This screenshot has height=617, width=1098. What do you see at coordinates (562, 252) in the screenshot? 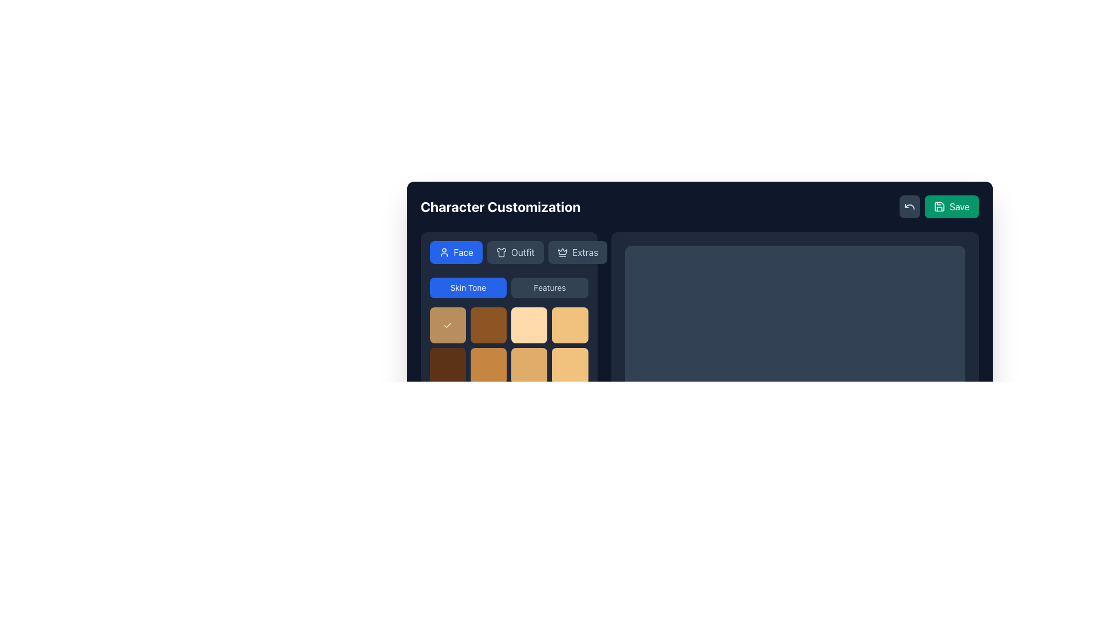
I see `the crown icon located inside the 'Extras' button, which is to the right of the 'Outfit' button in the top horizontal menu bar` at bounding box center [562, 252].